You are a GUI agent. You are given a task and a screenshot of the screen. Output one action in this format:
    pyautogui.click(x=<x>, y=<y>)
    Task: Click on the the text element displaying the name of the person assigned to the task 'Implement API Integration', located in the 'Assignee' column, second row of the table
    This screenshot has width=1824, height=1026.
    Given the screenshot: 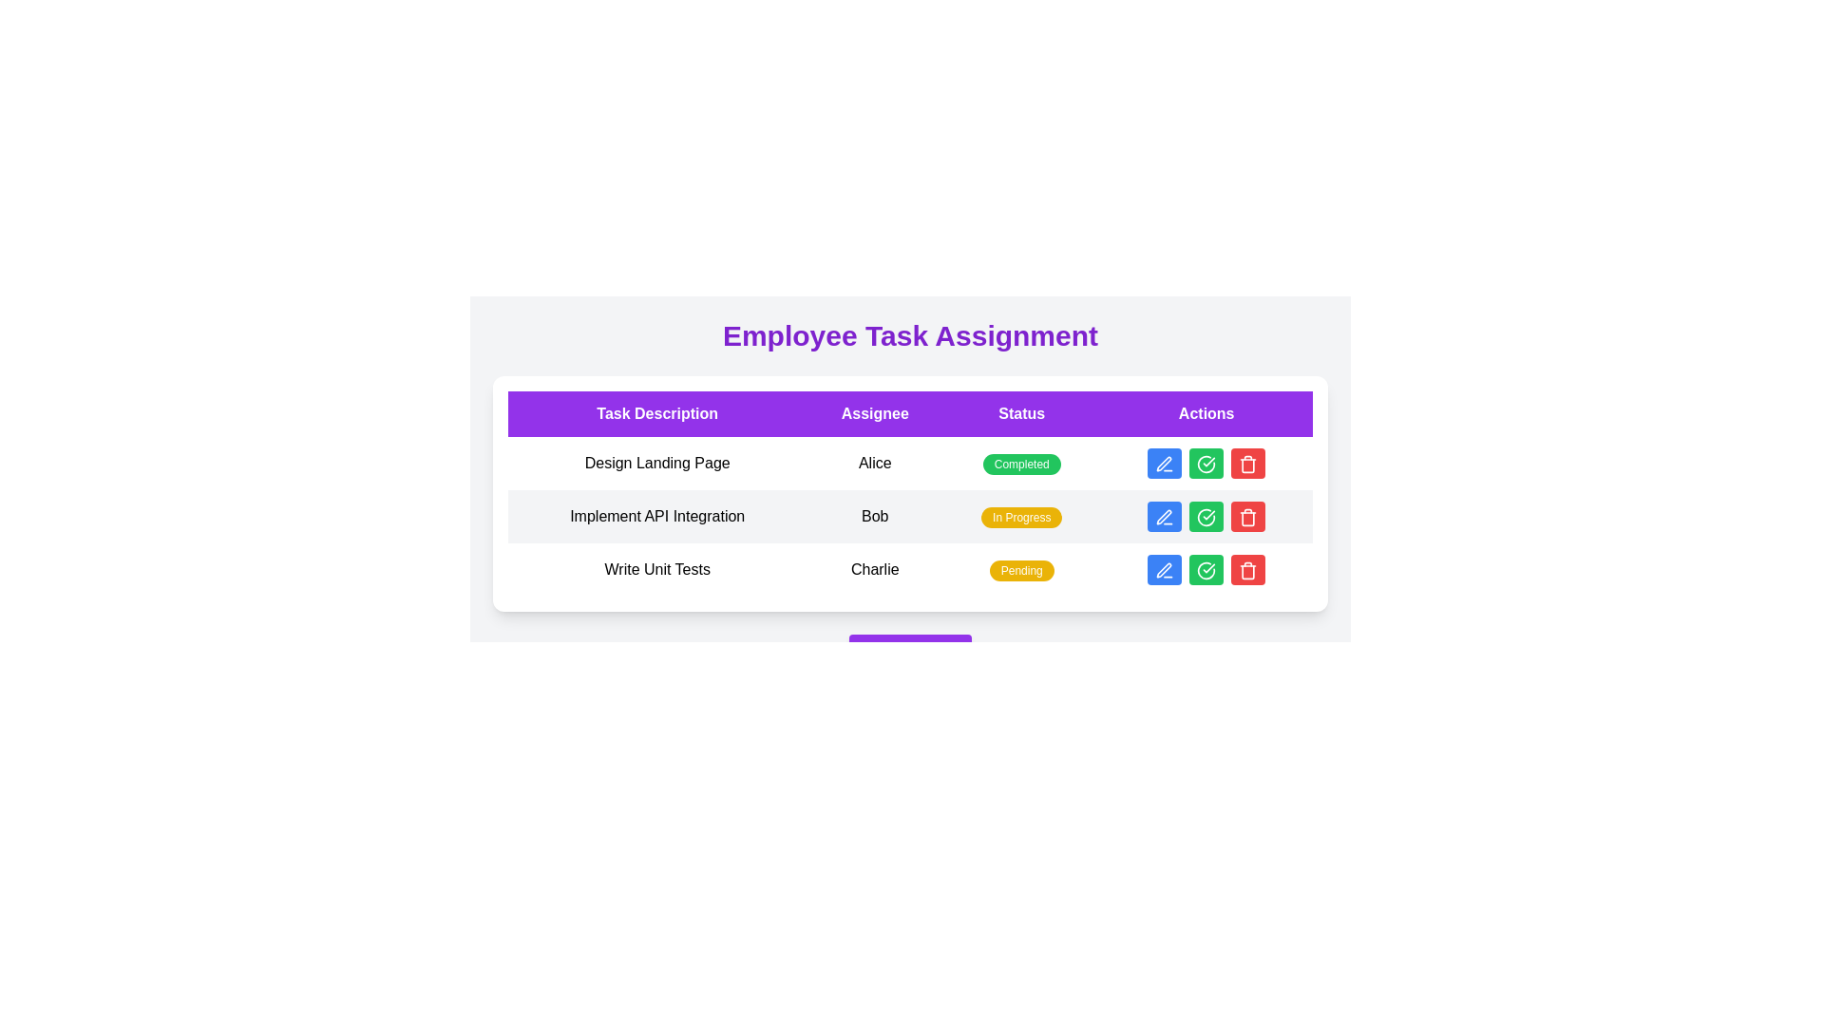 What is the action you would take?
    pyautogui.click(x=874, y=516)
    